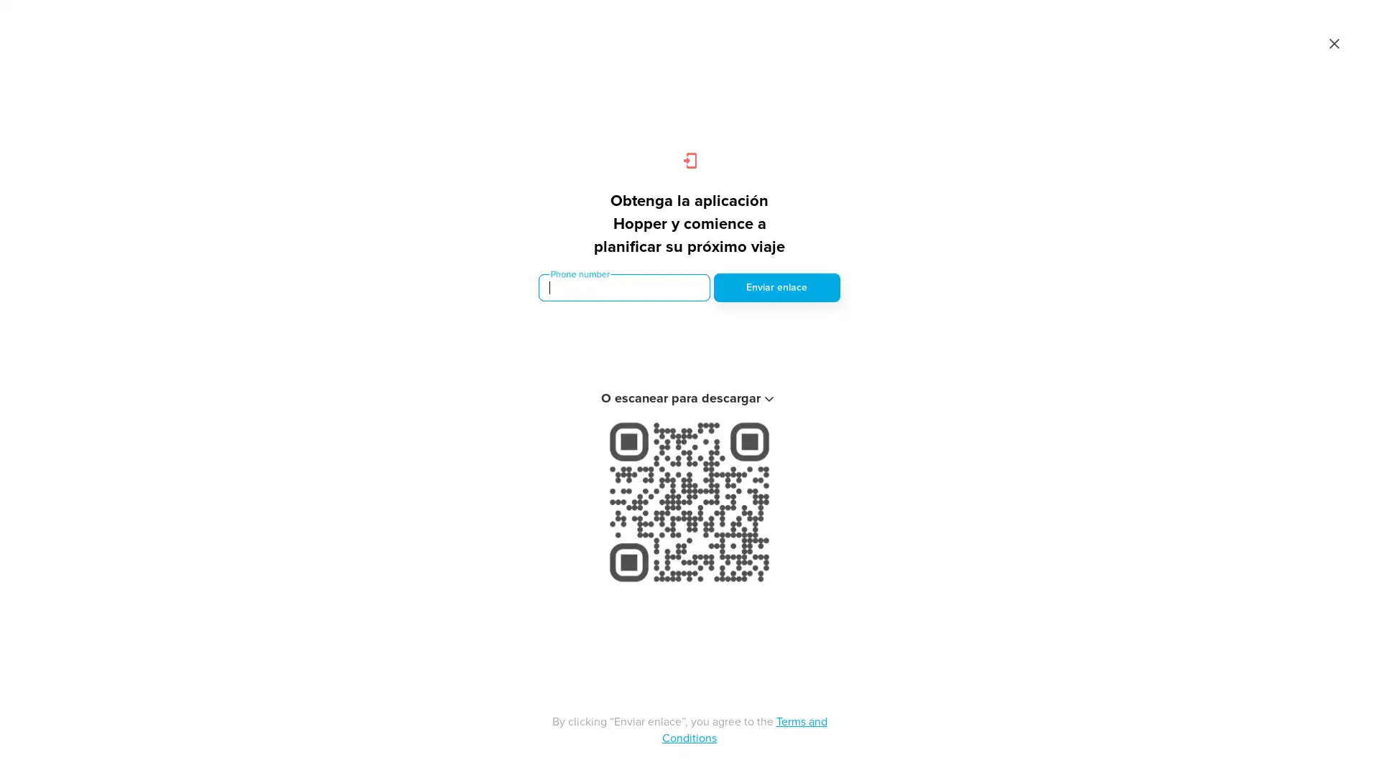  Describe the element at coordinates (776, 288) in the screenshot. I see `Enviar enlace` at that location.